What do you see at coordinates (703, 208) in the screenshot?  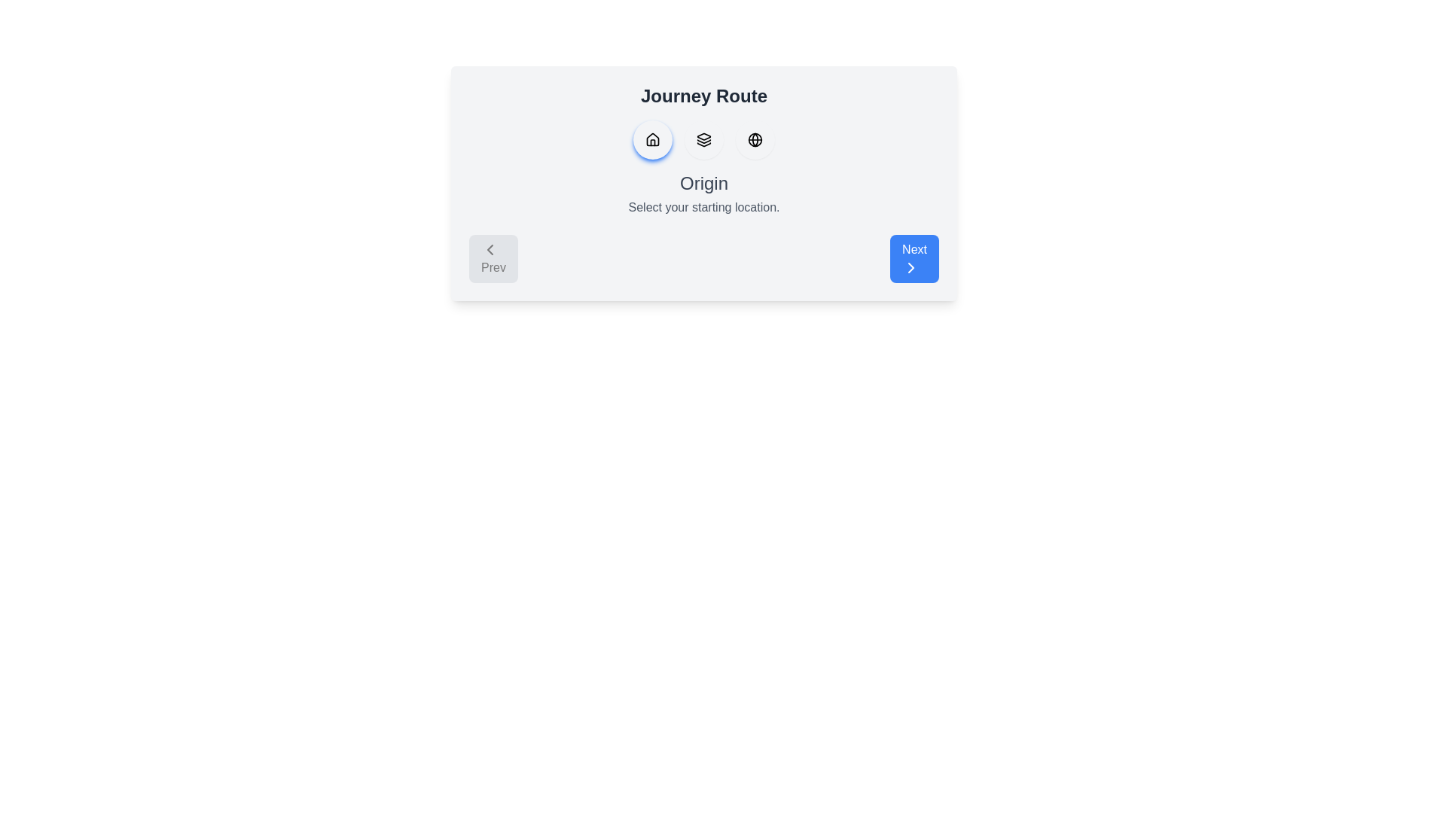 I see `the informational text label that says 'Select your starting location.' which is located below the 'Origin' heading` at bounding box center [703, 208].